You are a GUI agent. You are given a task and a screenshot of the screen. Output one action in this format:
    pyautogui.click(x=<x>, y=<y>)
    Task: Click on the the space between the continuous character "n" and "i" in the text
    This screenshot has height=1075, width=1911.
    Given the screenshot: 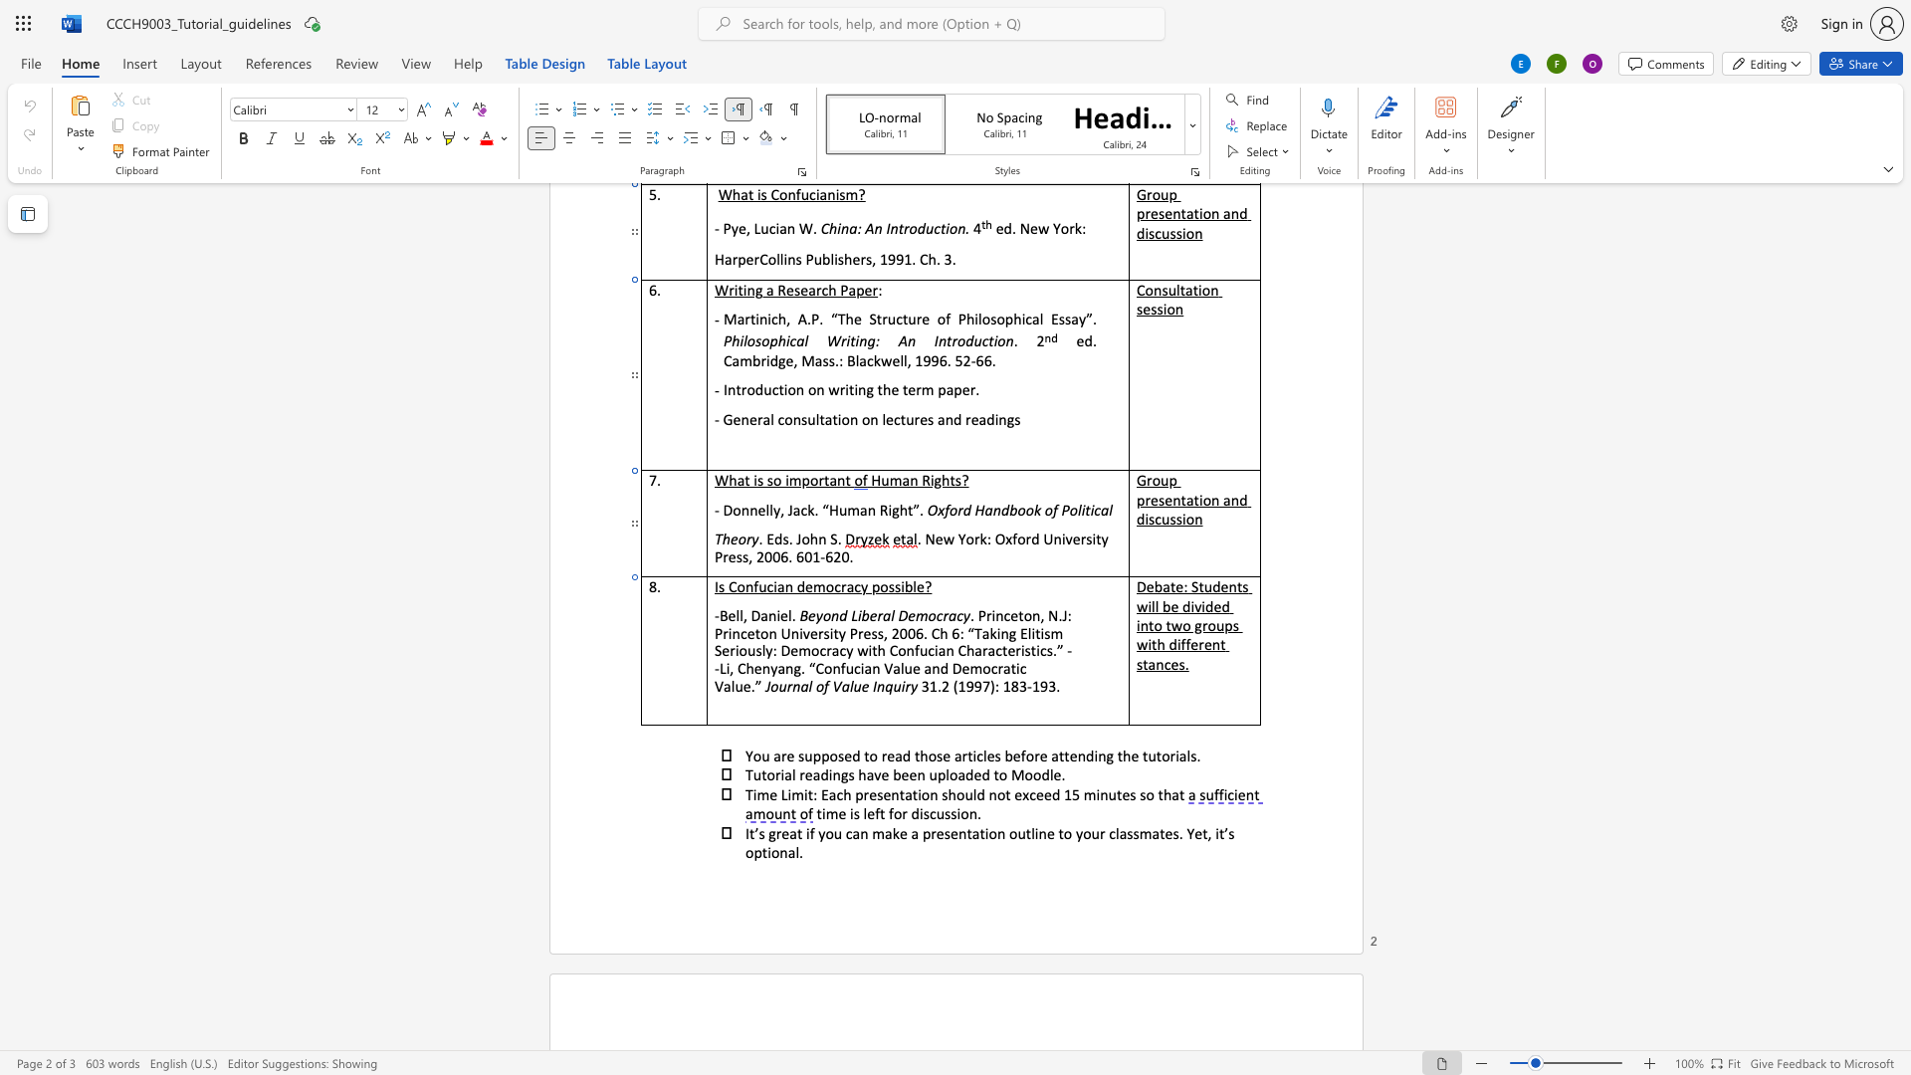 What is the action you would take?
    pyautogui.click(x=774, y=614)
    